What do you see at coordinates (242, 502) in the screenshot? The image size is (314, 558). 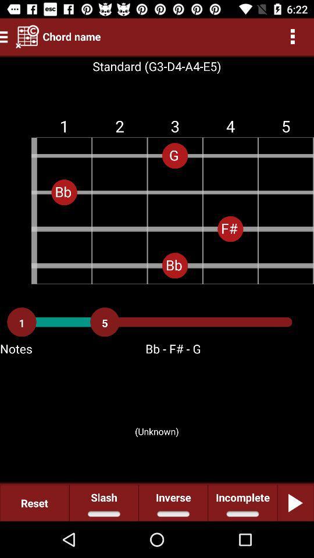 I see `the incomplete item` at bounding box center [242, 502].